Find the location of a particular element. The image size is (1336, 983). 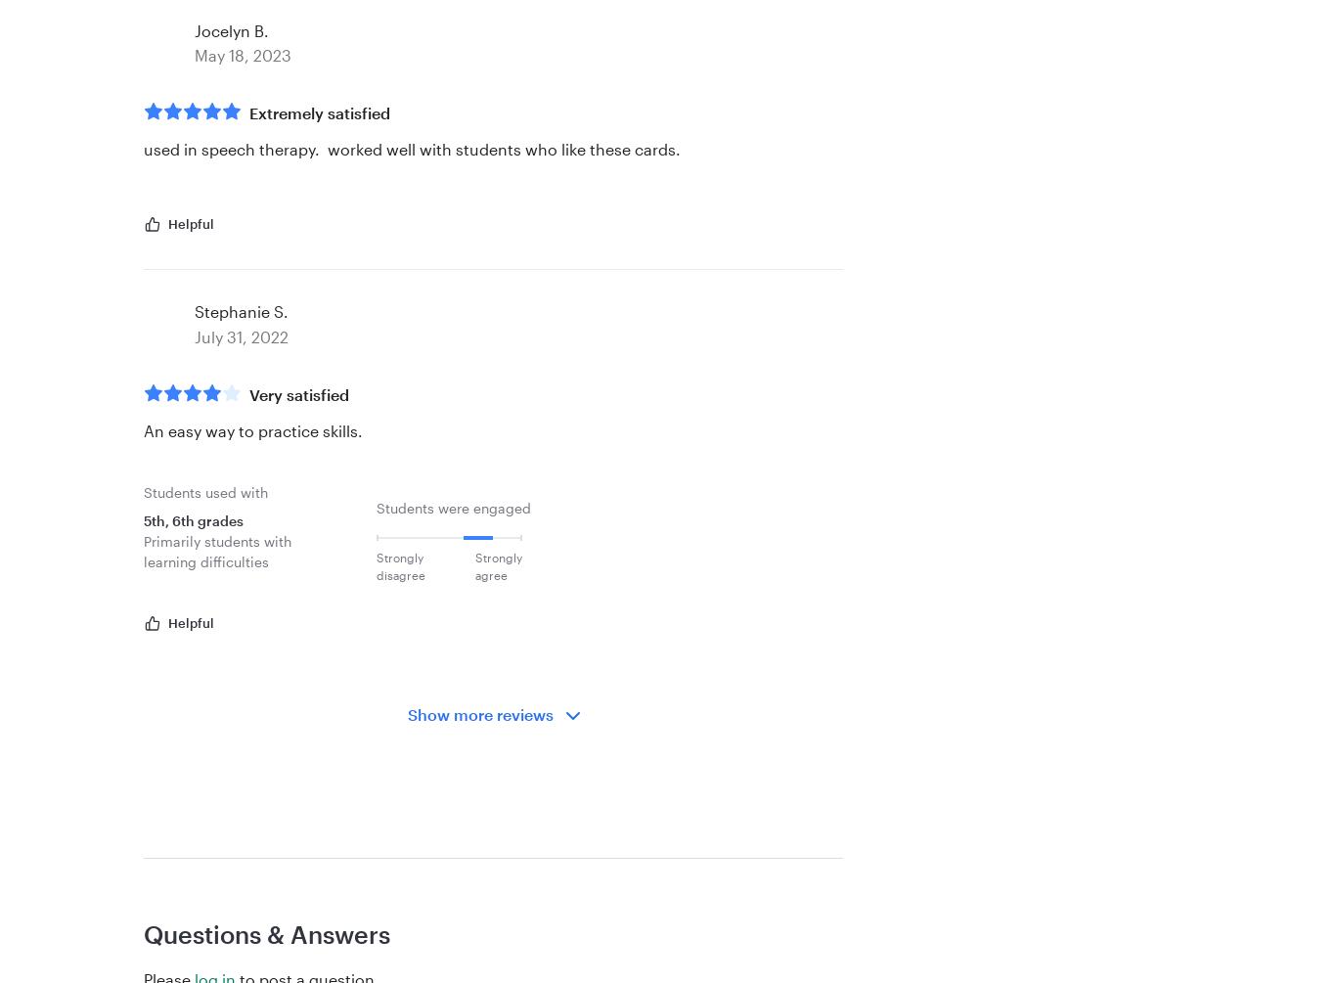

'Students were engaged' is located at coordinates (454, 507).